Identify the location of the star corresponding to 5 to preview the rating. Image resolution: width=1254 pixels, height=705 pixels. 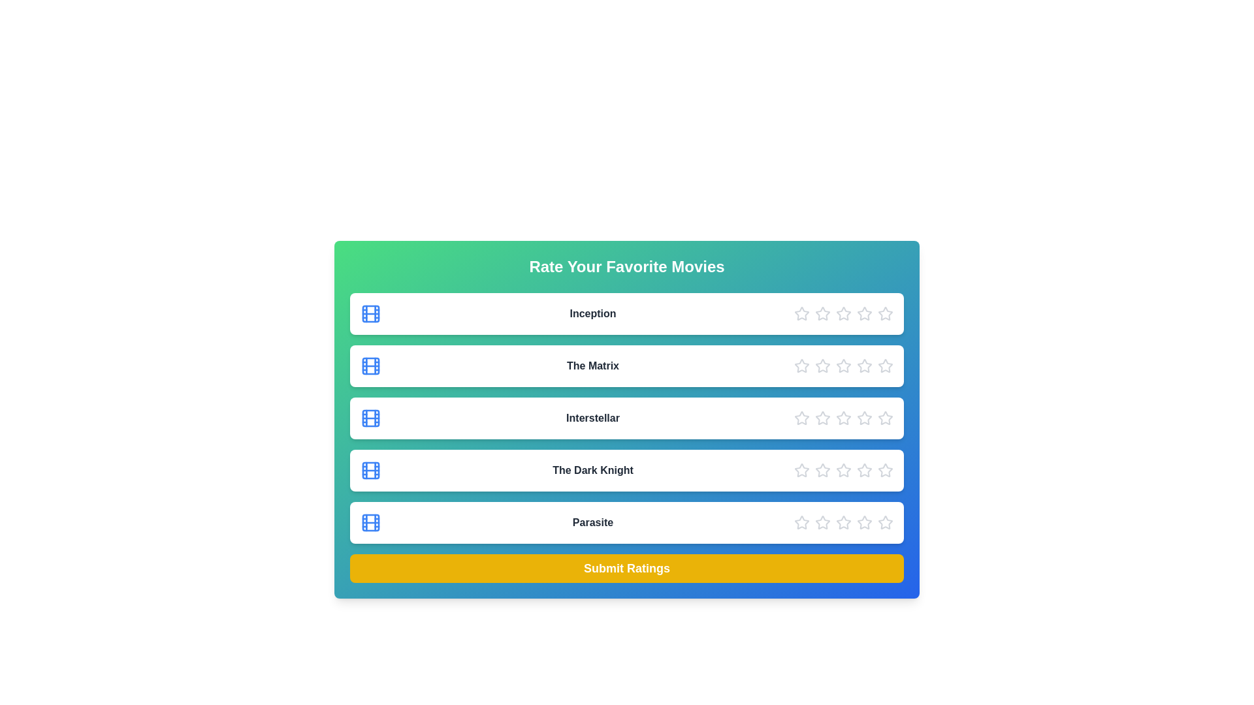
(886, 314).